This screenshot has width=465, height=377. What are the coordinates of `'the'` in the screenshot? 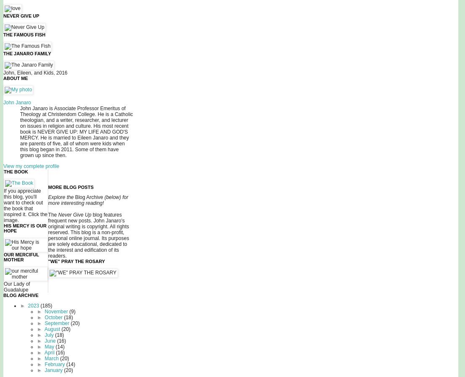 It's located at (70, 196).